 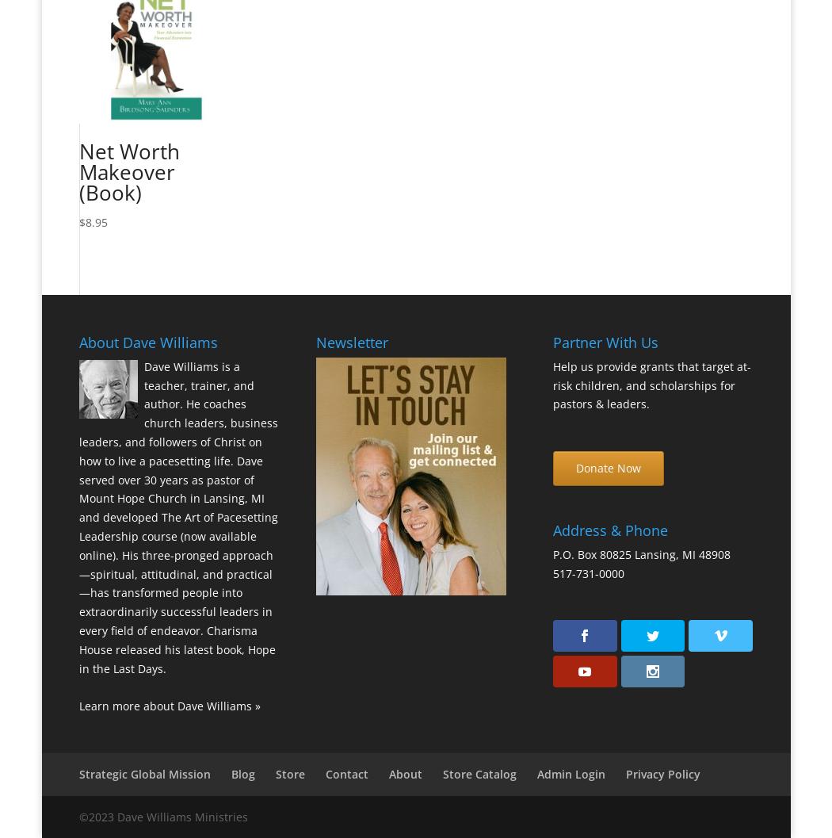 What do you see at coordinates (229, 773) in the screenshot?
I see `'Blog'` at bounding box center [229, 773].